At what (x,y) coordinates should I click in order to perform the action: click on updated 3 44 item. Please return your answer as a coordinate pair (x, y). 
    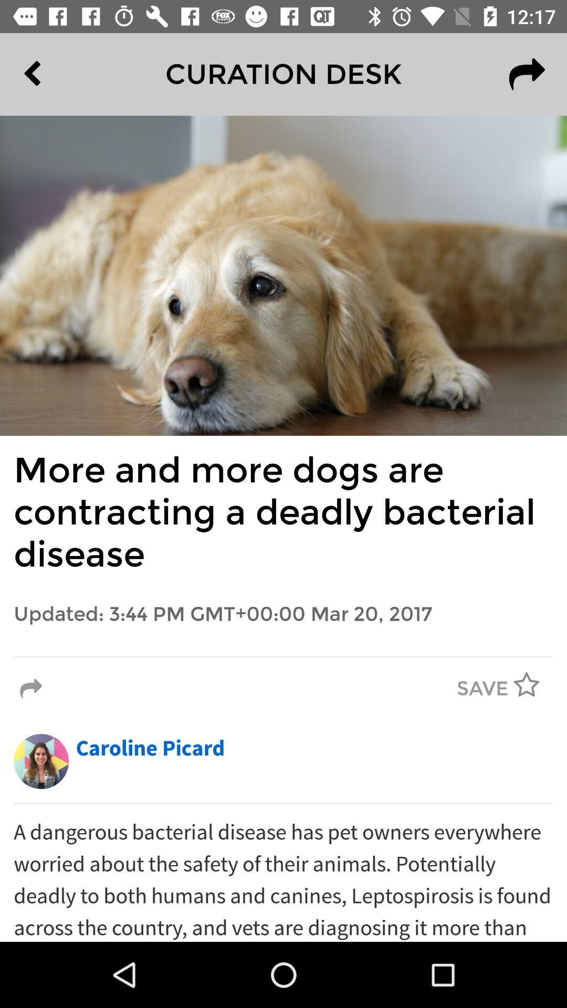
    Looking at the image, I should click on (283, 614).